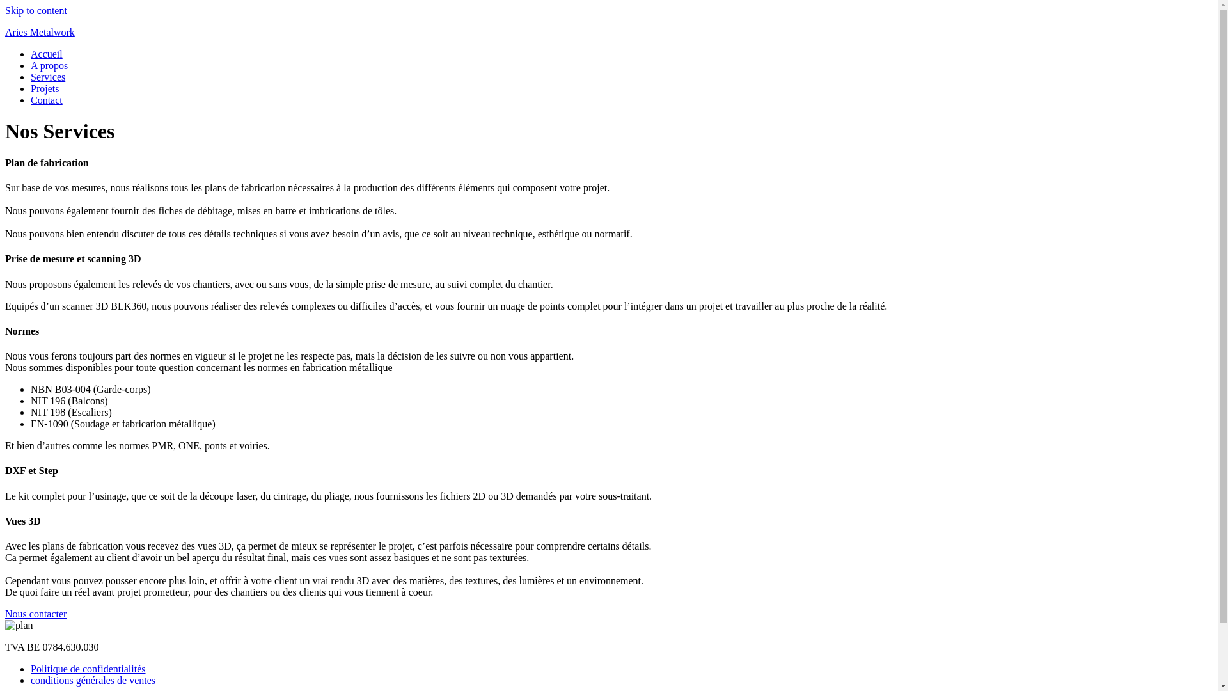  Describe the element at coordinates (46, 53) in the screenshot. I see `'Accueil'` at that location.